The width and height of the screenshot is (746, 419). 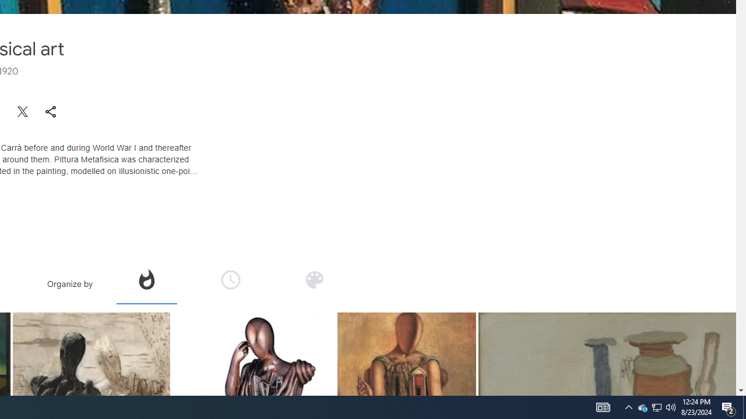 I want to click on 'Organize by popularity', so click(x=145, y=279).